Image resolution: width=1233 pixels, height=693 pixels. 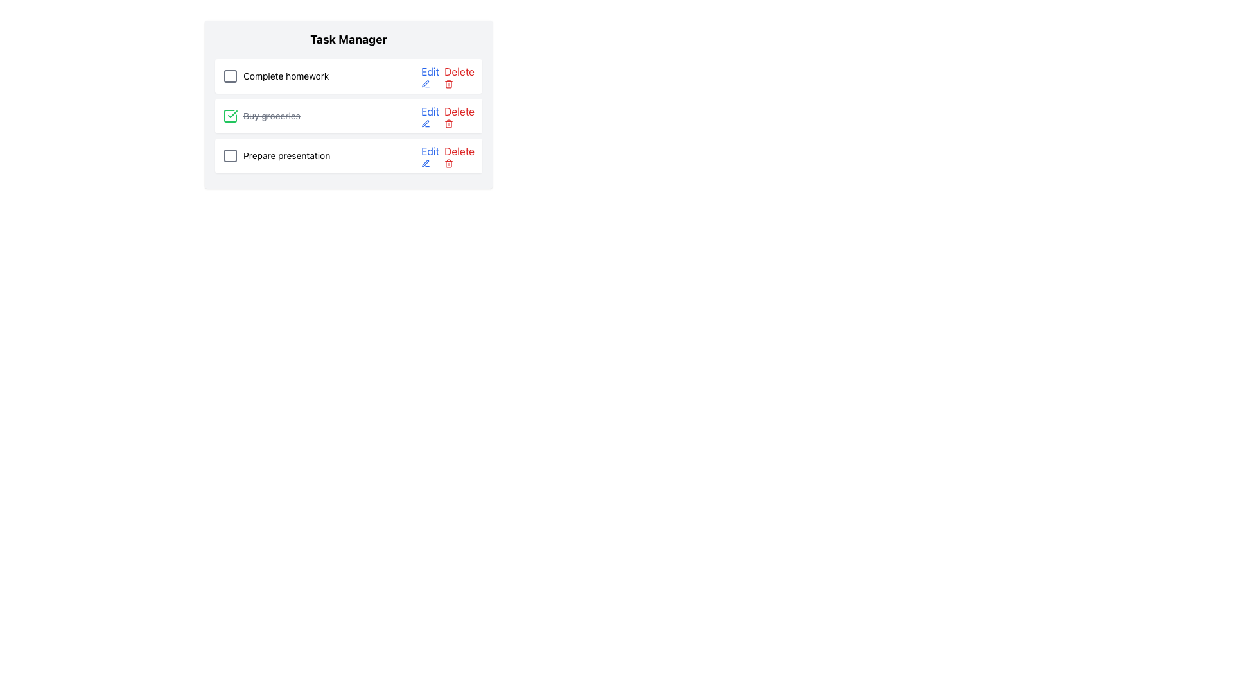 What do you see at coordinates (459, 116) in the screenshot?
I see `the red 'Delete' button with a trash bin icon, located on the right side of the second line of tasks` at bounding box center [459, 116].